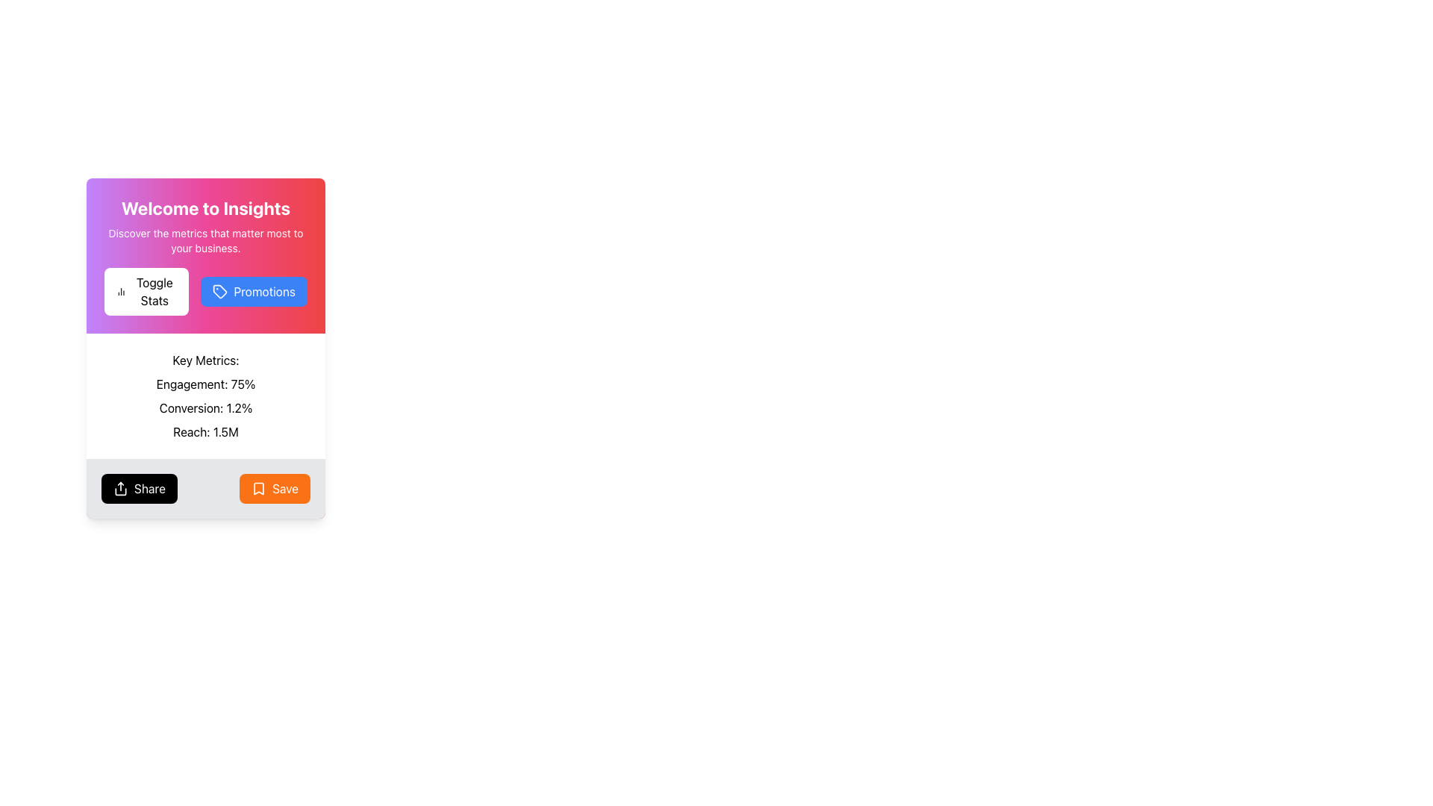 The height and width of the screenshot is (806, 1433). I want to click on the Informational Text Section displaying business metrics located beneath the 'Toggle Stats' and 'Promotions' buttons, above the 'Share' and 'Save' buttons, so click(205, 396).